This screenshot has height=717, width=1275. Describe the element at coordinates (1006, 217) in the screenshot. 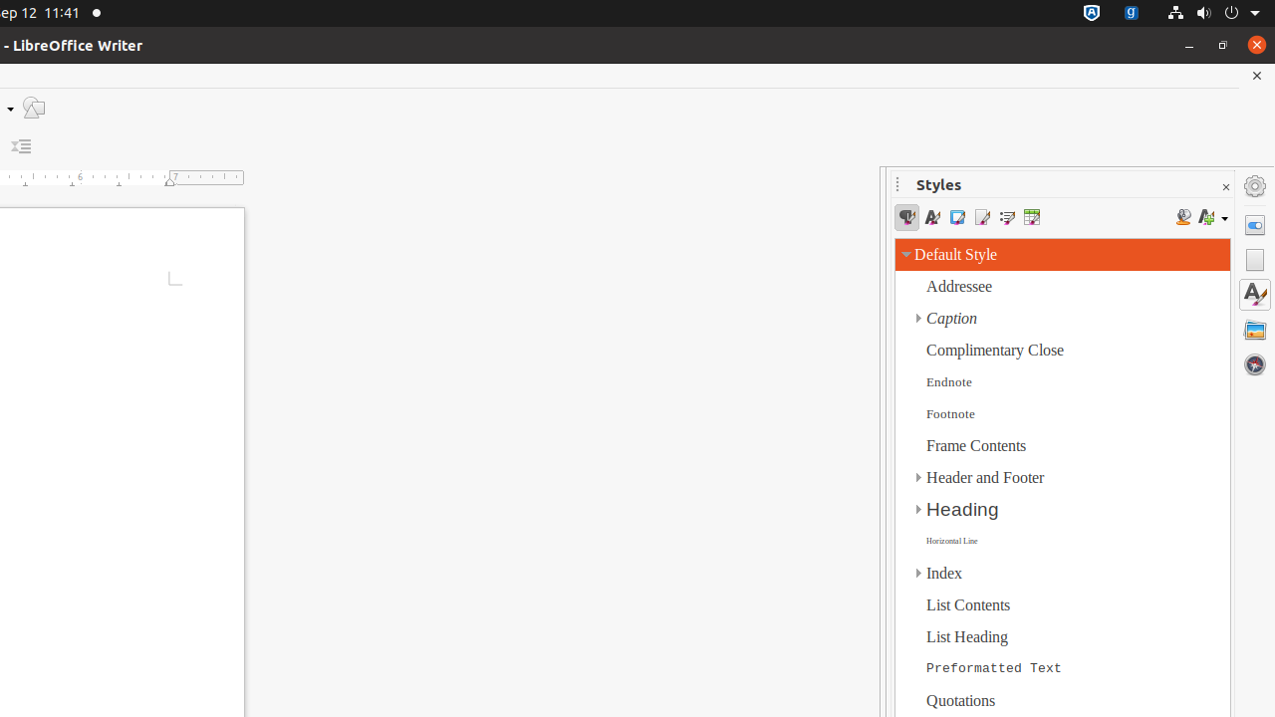

I see `'List Styles'` at that location.